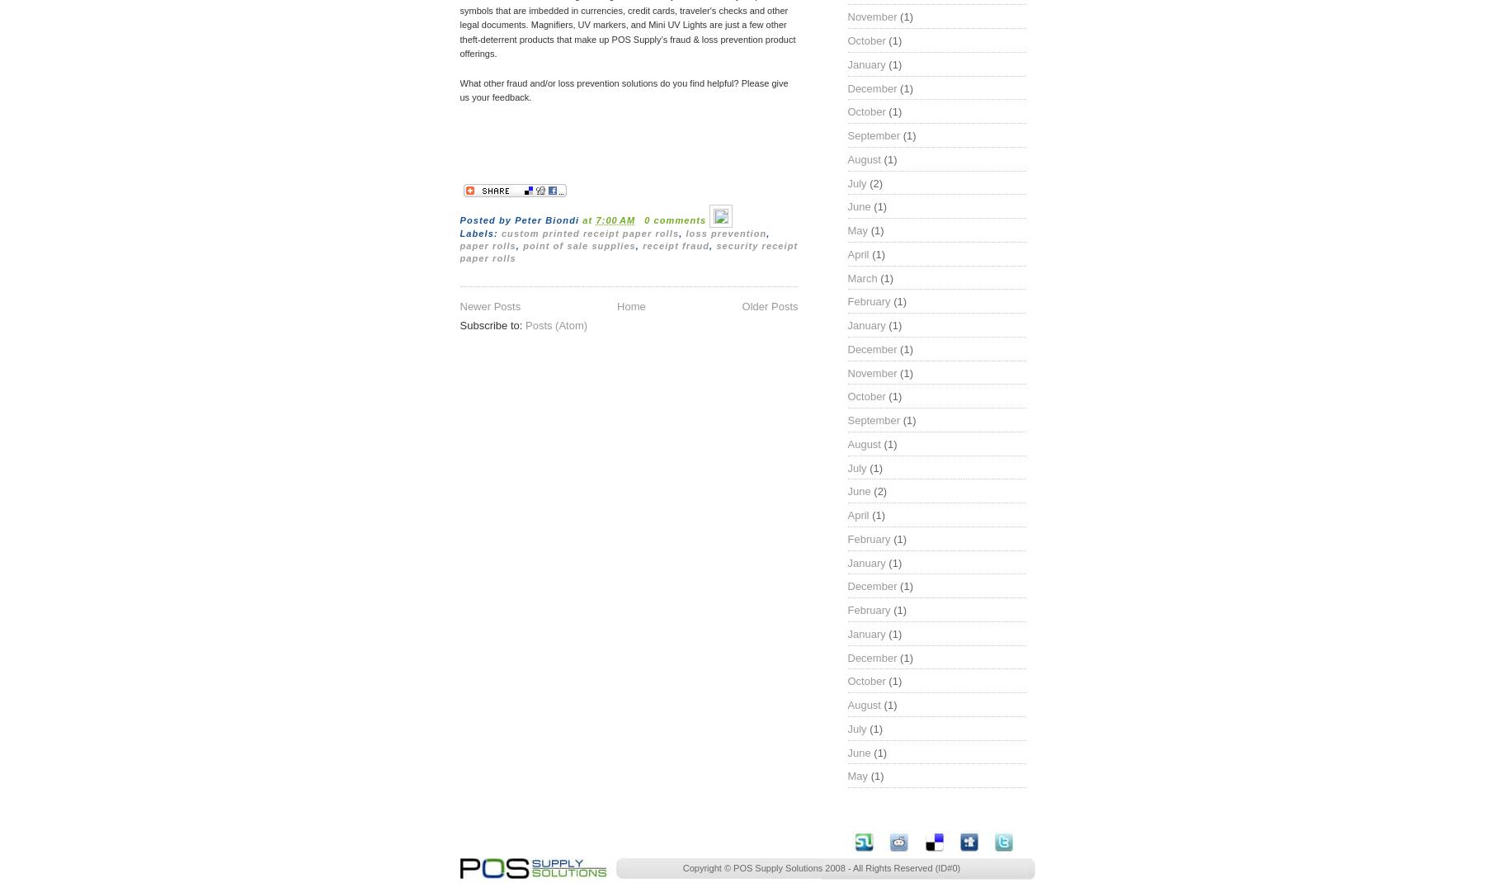 This screenshot has height=883, width=1494. I want to click on 'receipt fraud', so click(676, 245).